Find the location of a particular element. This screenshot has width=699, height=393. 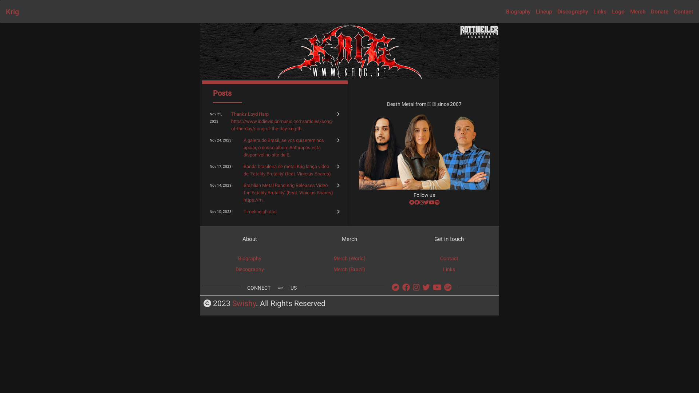

'Contact' is located at coordinates (449, 258).